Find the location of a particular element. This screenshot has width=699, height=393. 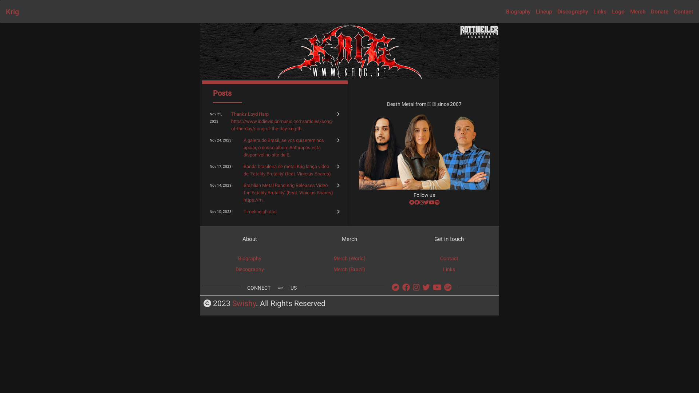

'Contact' is located at coordinates (449, 258).